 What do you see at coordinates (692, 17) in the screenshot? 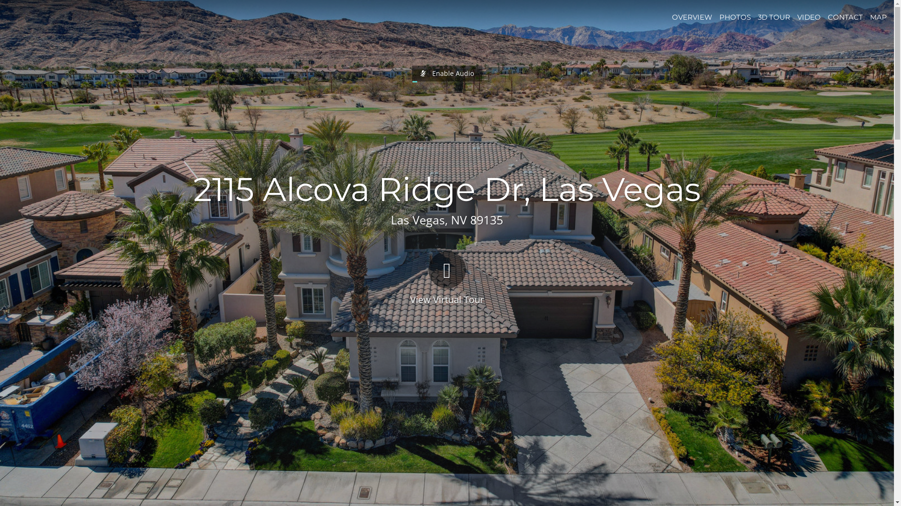
I see `'OVERVIEW'` at bounding box center [692, 17].